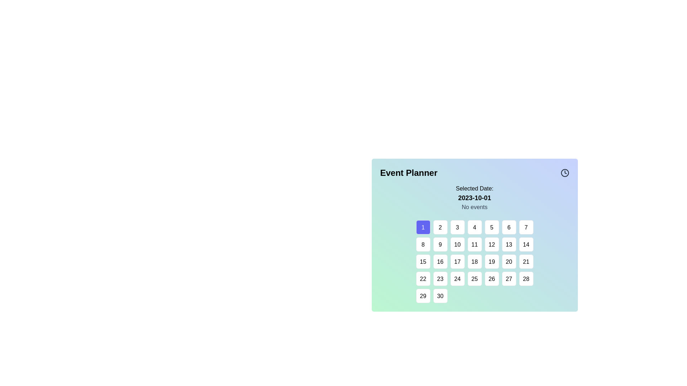  Describe the element at coordinates (423, 244) in the screenshot. I see `the button representing the 8th day in the calendar view` at that location.